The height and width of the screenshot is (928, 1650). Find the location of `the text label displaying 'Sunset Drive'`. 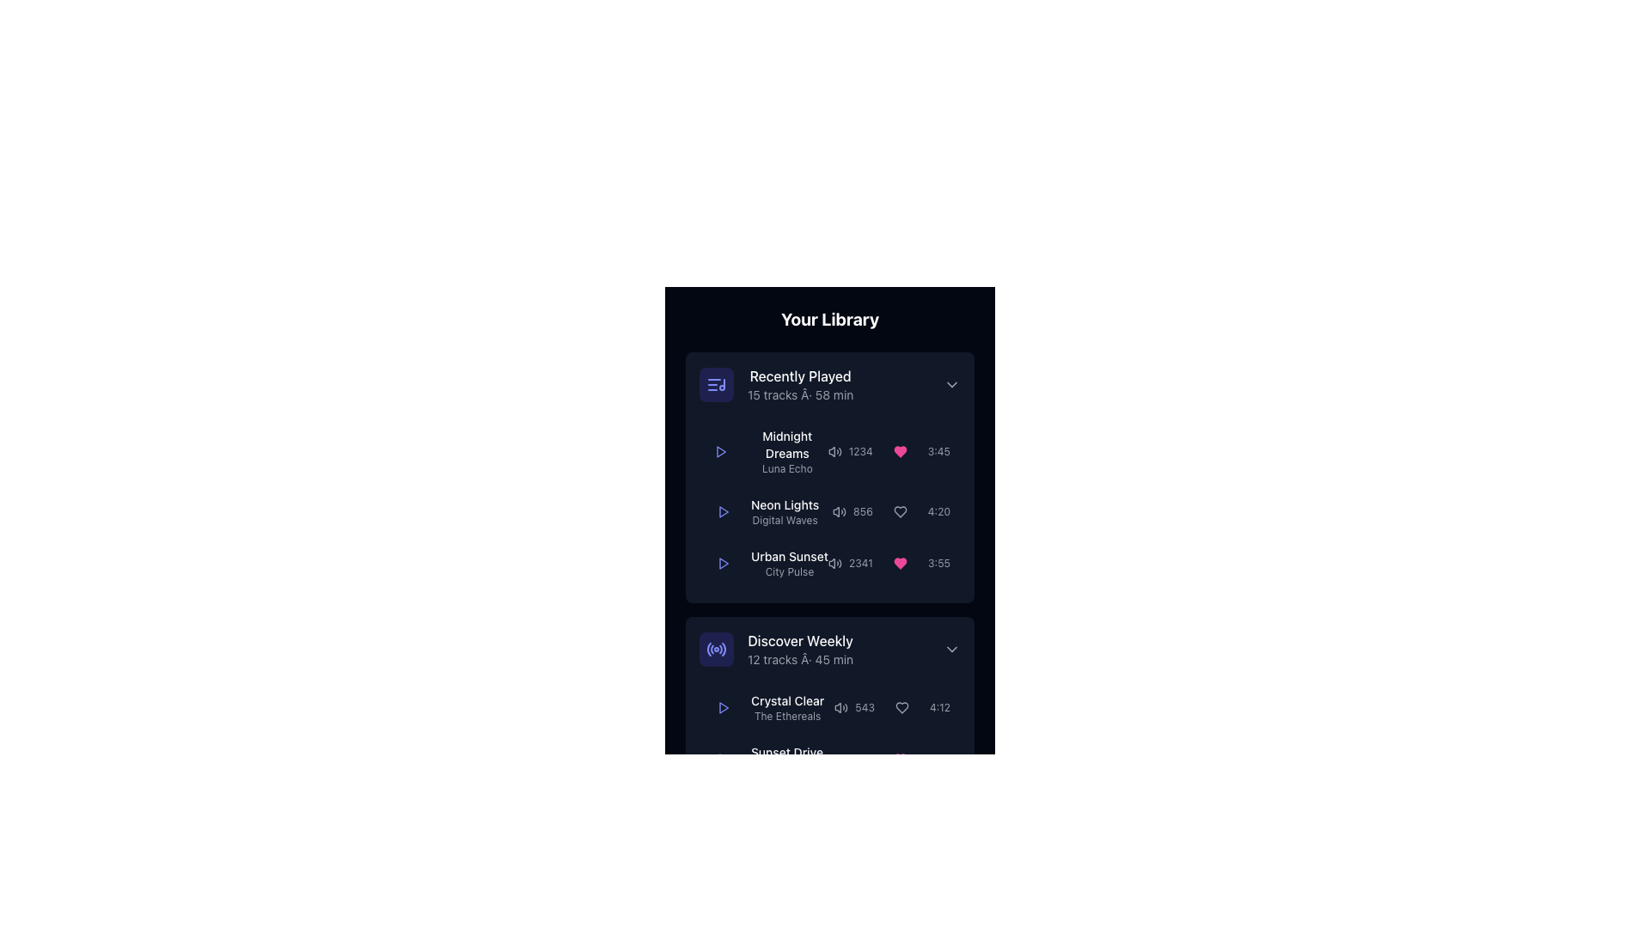

the text label displaying 'Sunset Drive' is located at coordinates (766, 758).